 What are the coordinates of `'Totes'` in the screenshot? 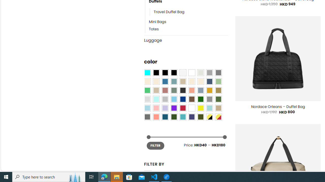 It's located at (188, 29).